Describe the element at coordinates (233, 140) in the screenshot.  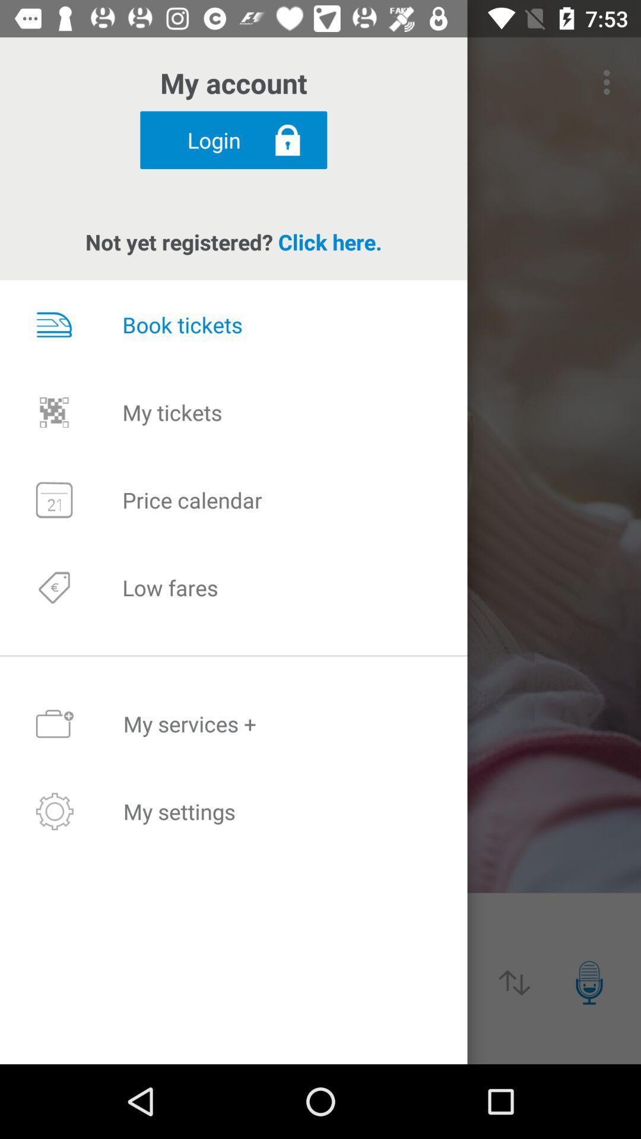
I see `the blue colored box below my account at the top of the page` at that location.